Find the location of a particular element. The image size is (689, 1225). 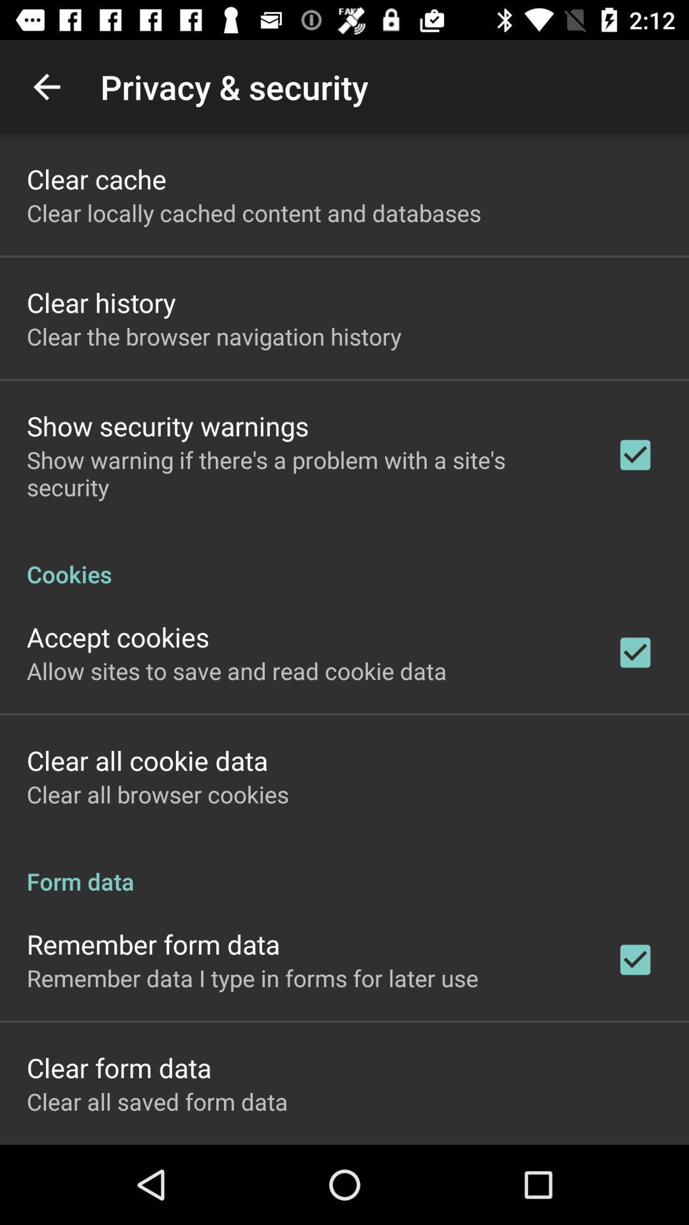

clear locally cached item is located at coordinates (254, 212).